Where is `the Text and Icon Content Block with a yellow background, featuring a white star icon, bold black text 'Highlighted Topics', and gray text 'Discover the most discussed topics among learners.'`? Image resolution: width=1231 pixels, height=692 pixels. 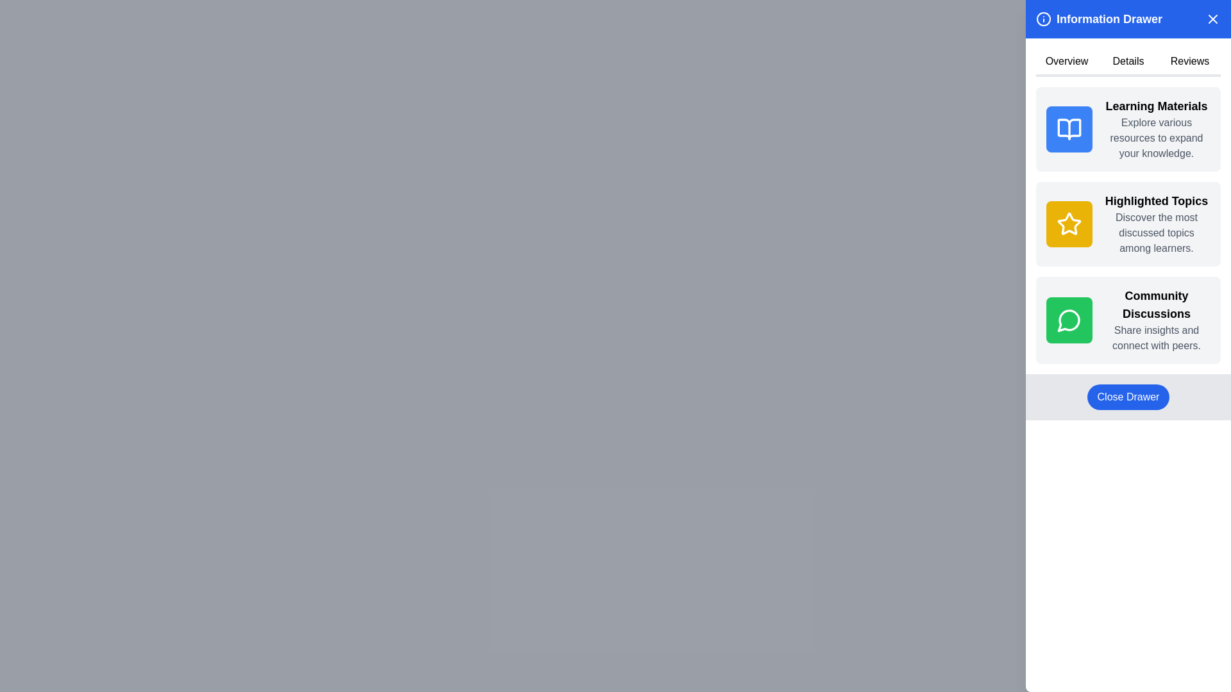 the Text and Icon Content Block with a yellow background, featuring a white star icon, bold black text 'Highlighted Topics', and gray text 'Discover the most discussed topics among learners.' is located at coordinates (1128, 224).